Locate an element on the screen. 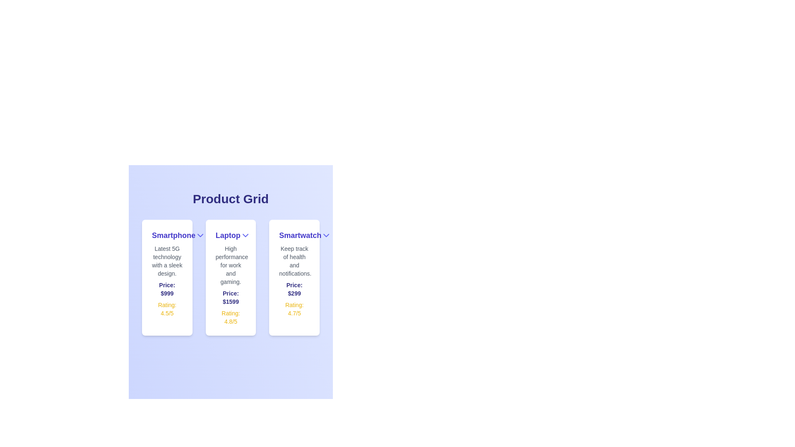 The image size is (795, 447). the expand/collapse toggle icon located to the right of the 'Smartwatch' text is located at coordinates (326, 236).